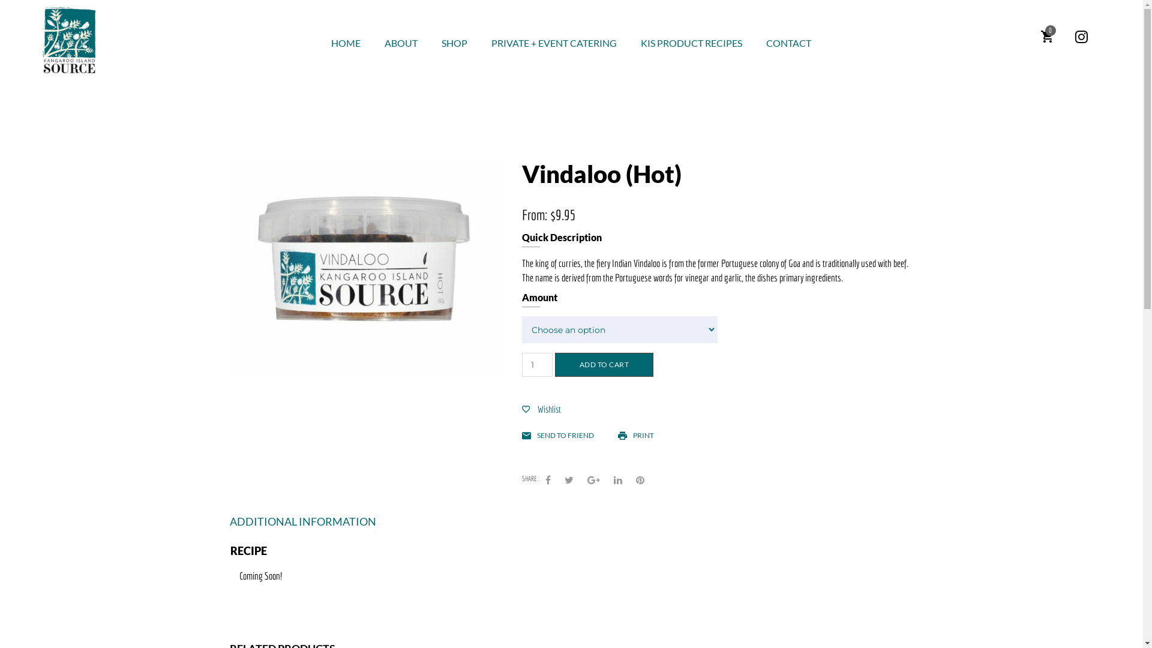 Image resolution: width=1152 pixels, height=648 pixels. Describe the element at coordinates (639, 479) in the screenshot. I see `'Pinterest'` at that location.